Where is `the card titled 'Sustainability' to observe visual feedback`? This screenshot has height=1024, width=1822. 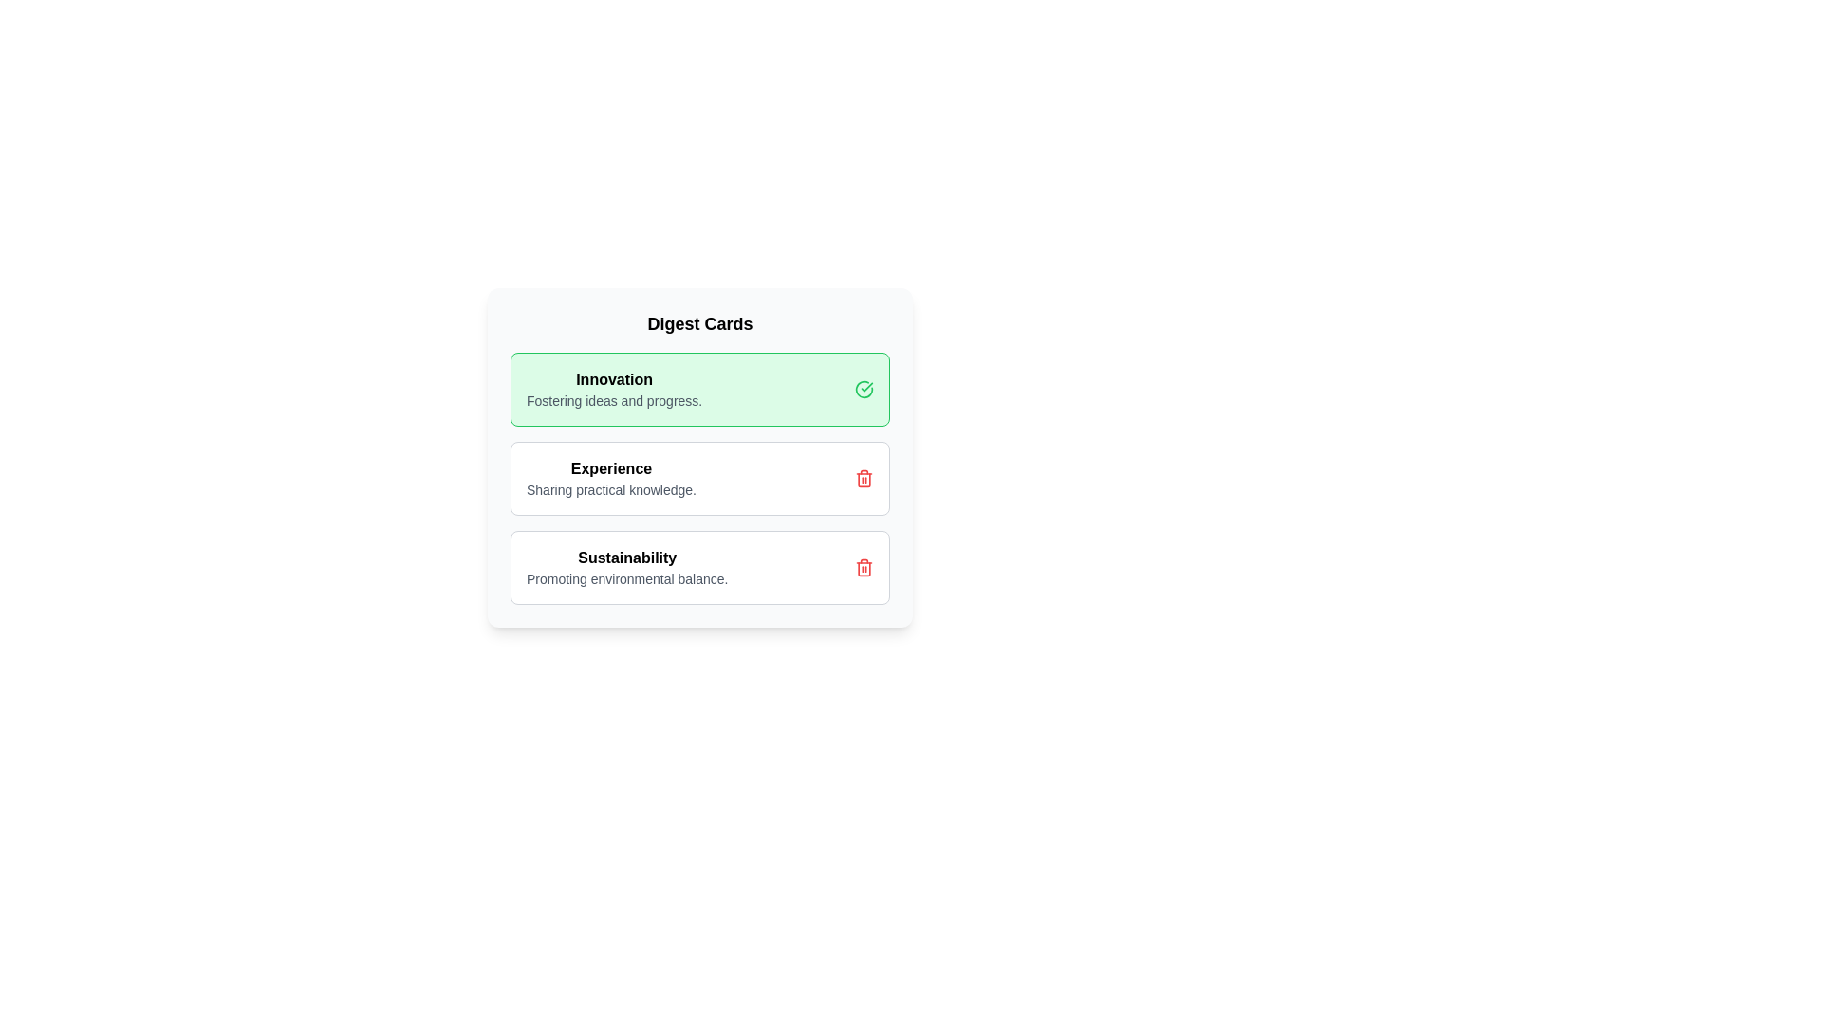
the card titled 'Sustainability' to observe visual feedback is located at coordinates (699, 566).